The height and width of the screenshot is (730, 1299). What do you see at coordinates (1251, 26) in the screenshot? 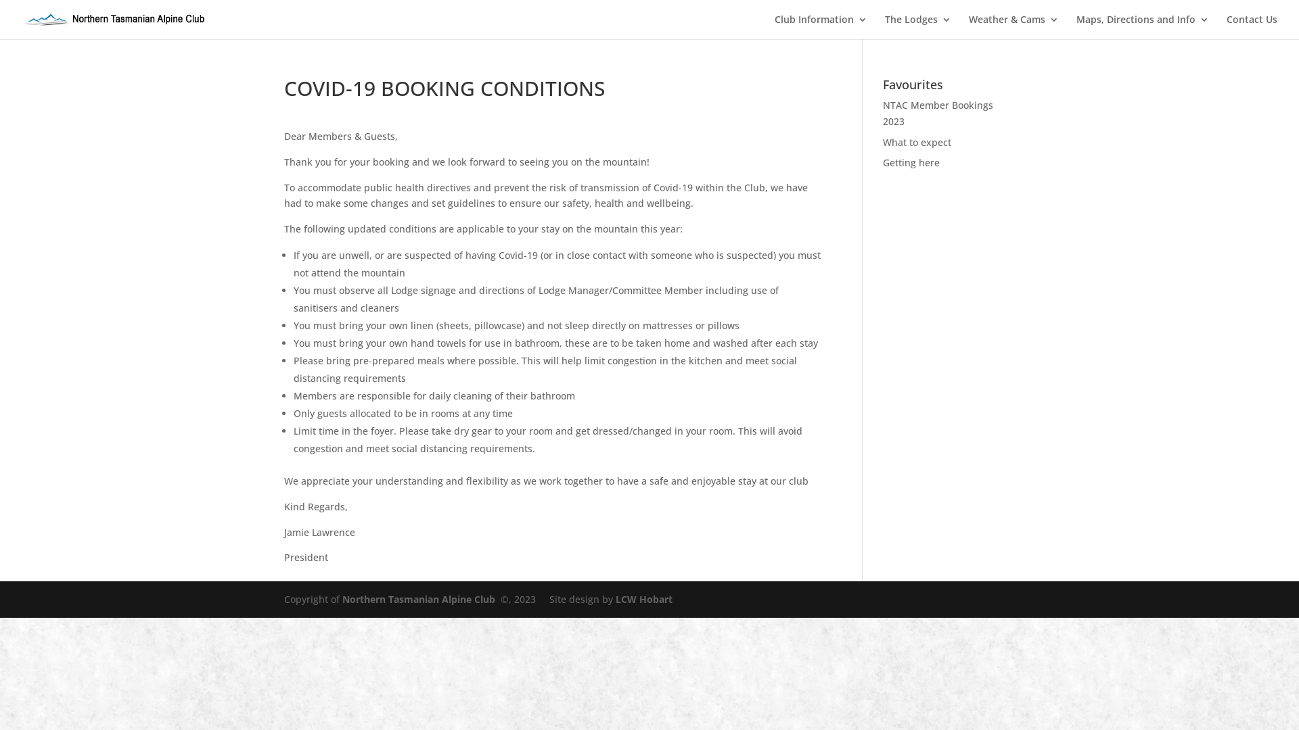
I see `'Contact Us'` at bounding box center [1251, 26].